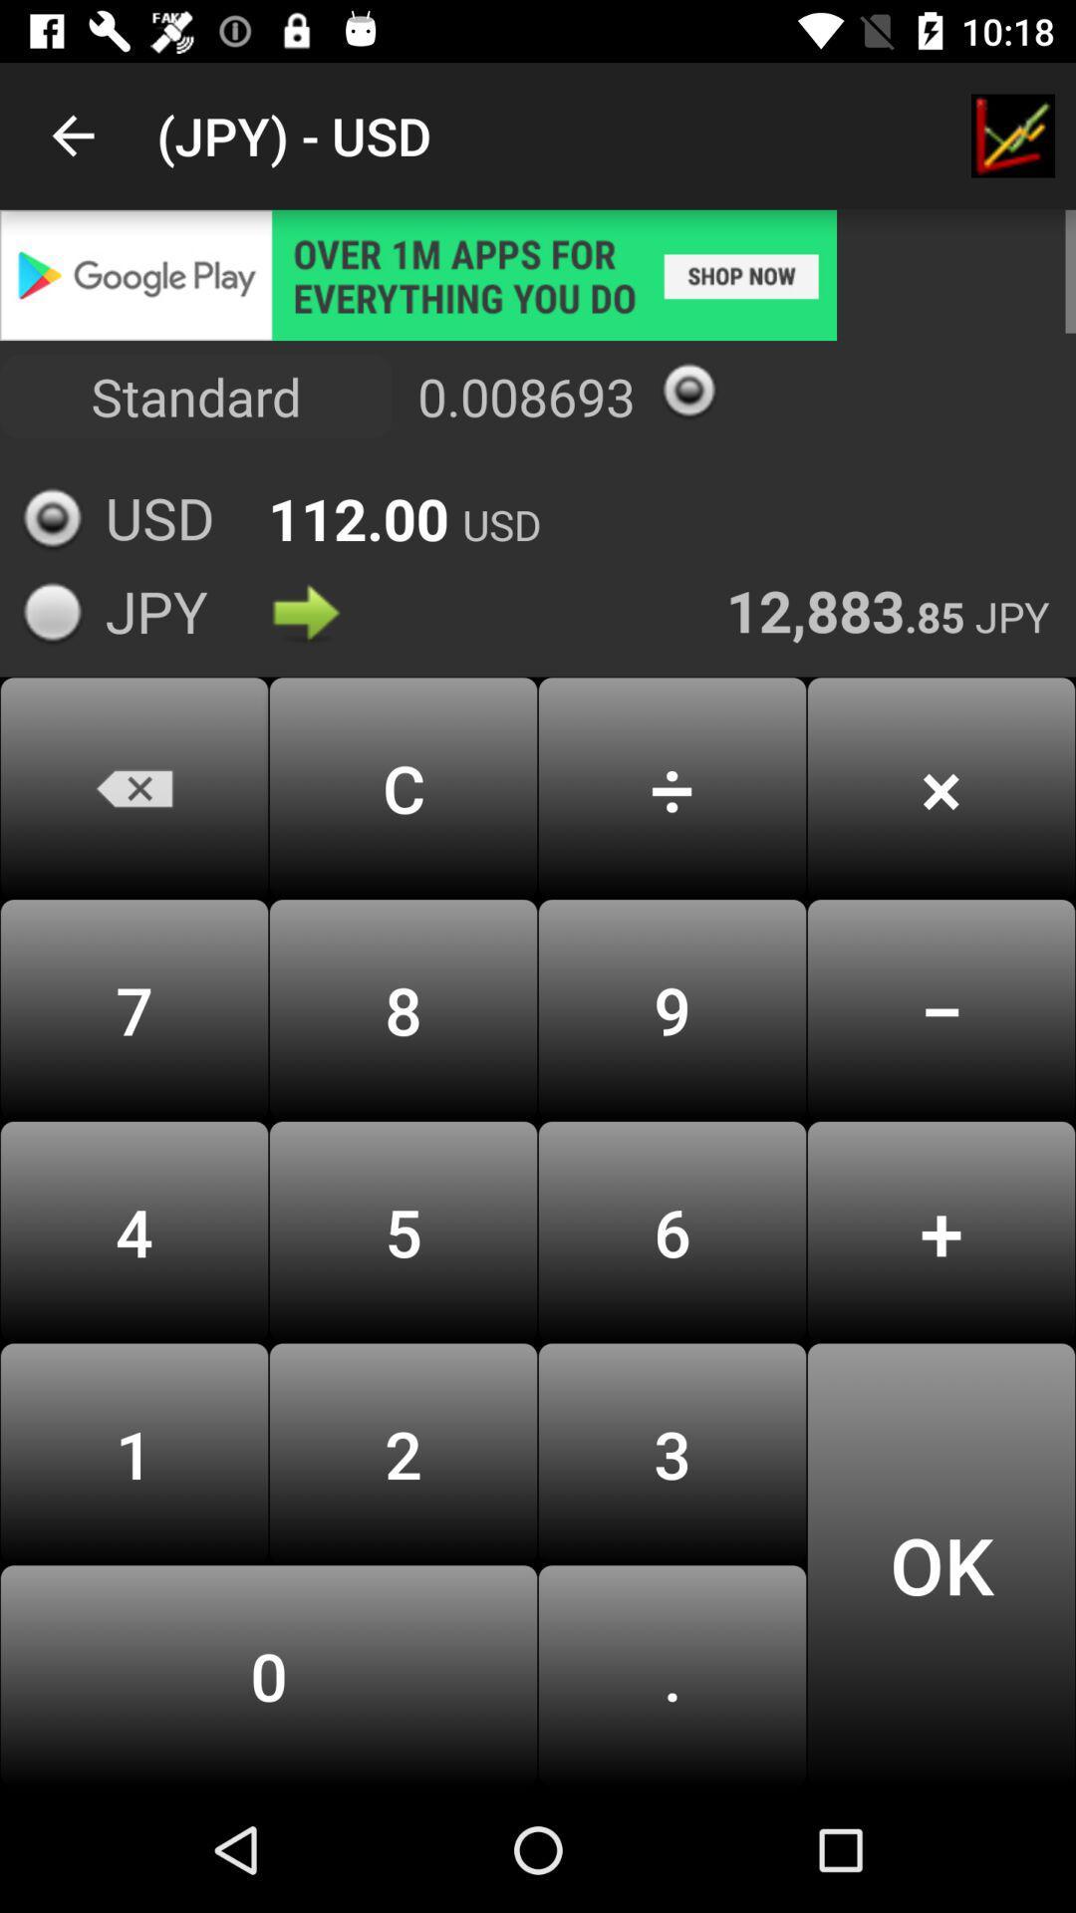 This screenshot has height=1913, width=1076. I want to click on the refresh icon, so click(687, 390).